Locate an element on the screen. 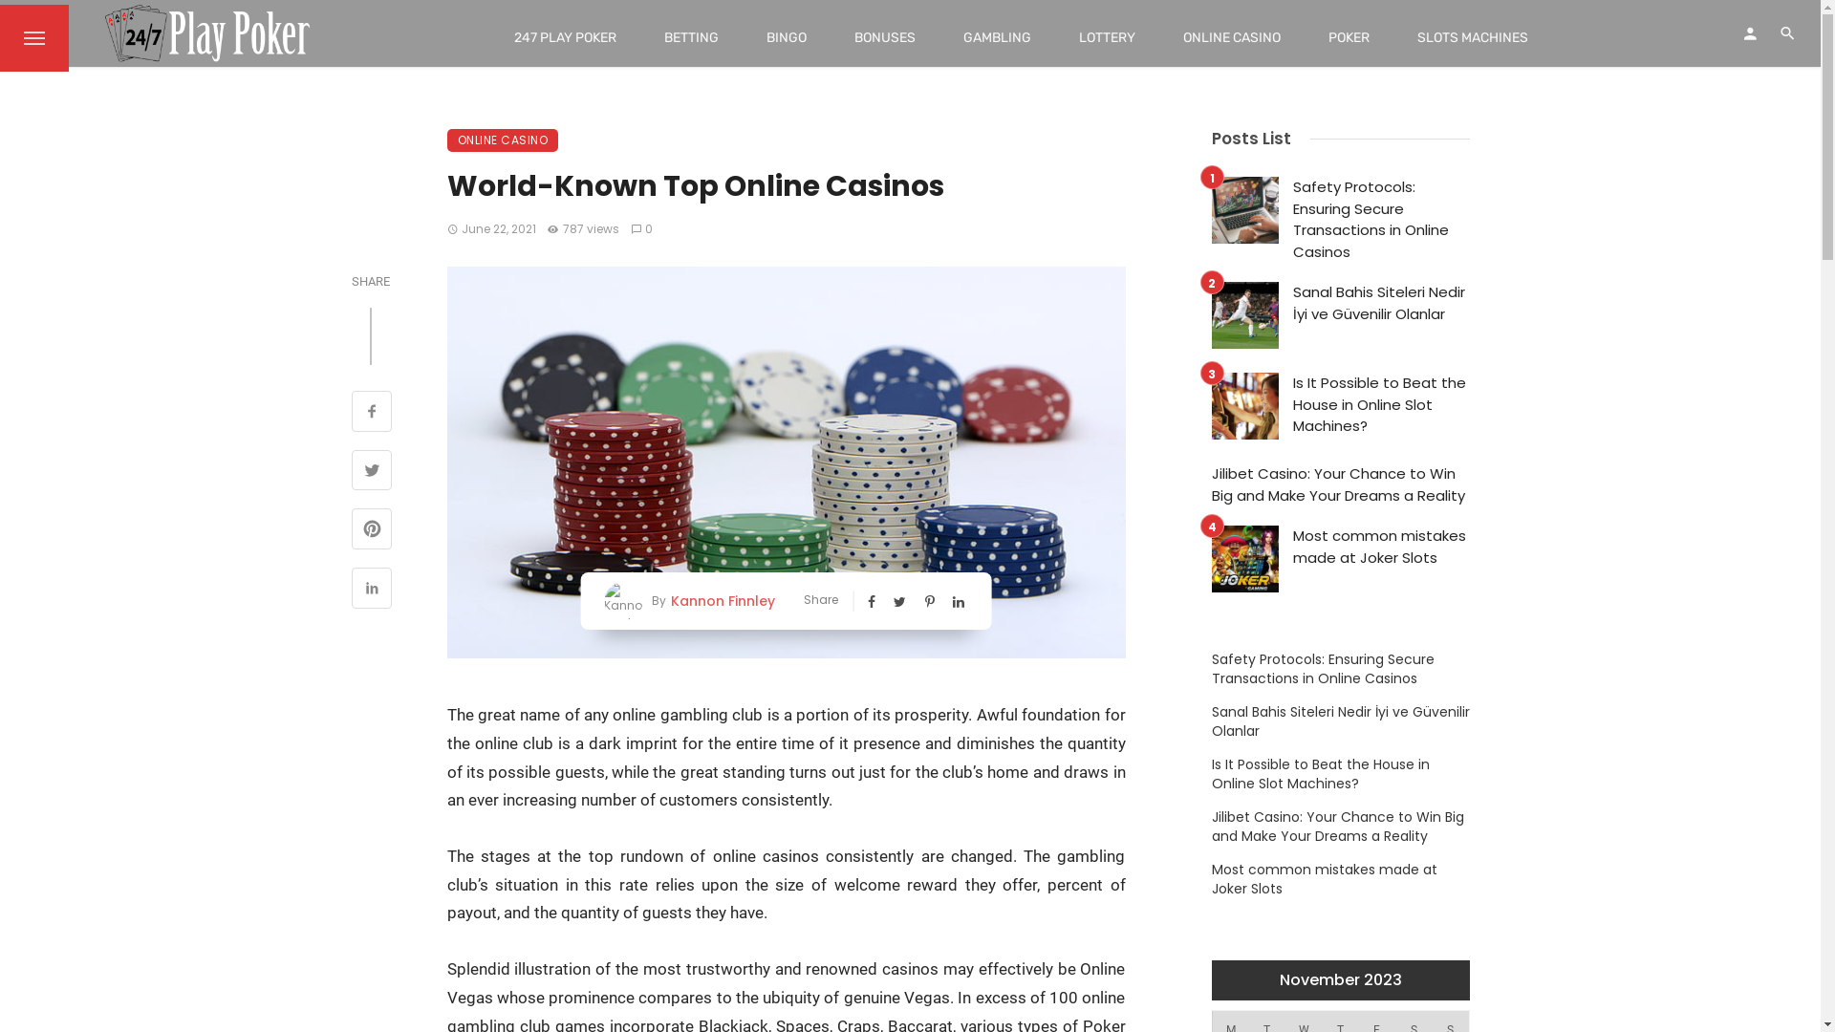 This screenshot has height=1032, width=1835. 'BETTING' is located at coordinates (640, 37).